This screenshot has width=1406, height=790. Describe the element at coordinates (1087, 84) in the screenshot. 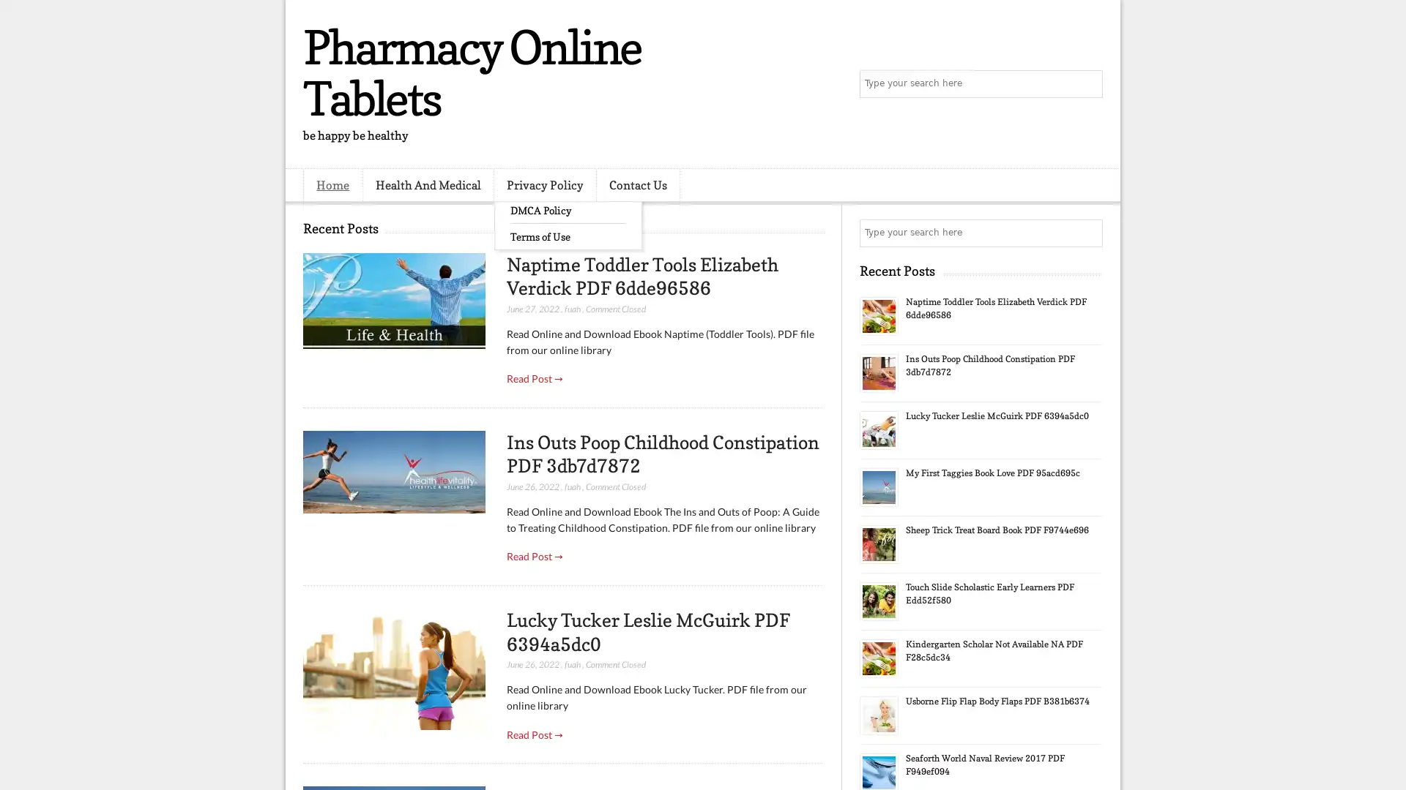

I see `Search` at that location.